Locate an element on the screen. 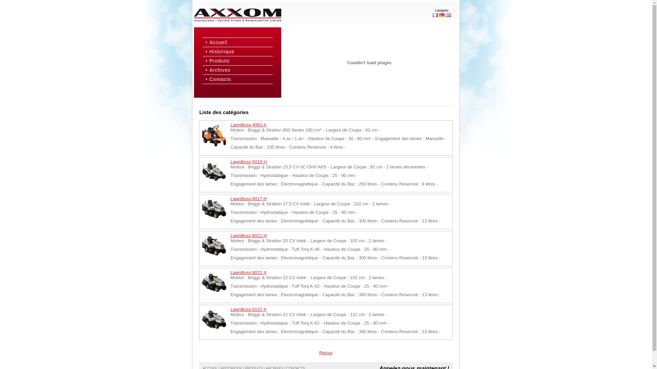  'Axxom' is located at coordinates (237, 15).